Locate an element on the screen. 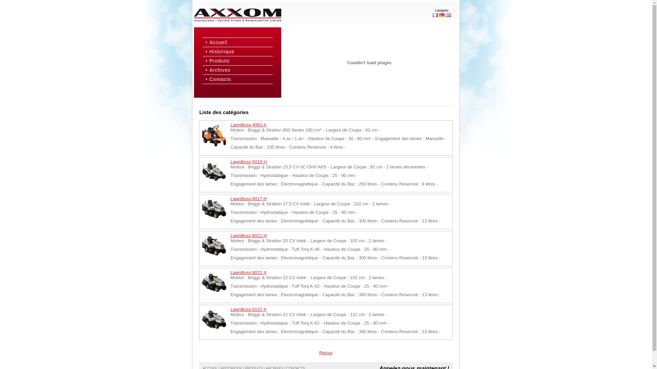  'Axxom' is located at coordinates (237, 15).